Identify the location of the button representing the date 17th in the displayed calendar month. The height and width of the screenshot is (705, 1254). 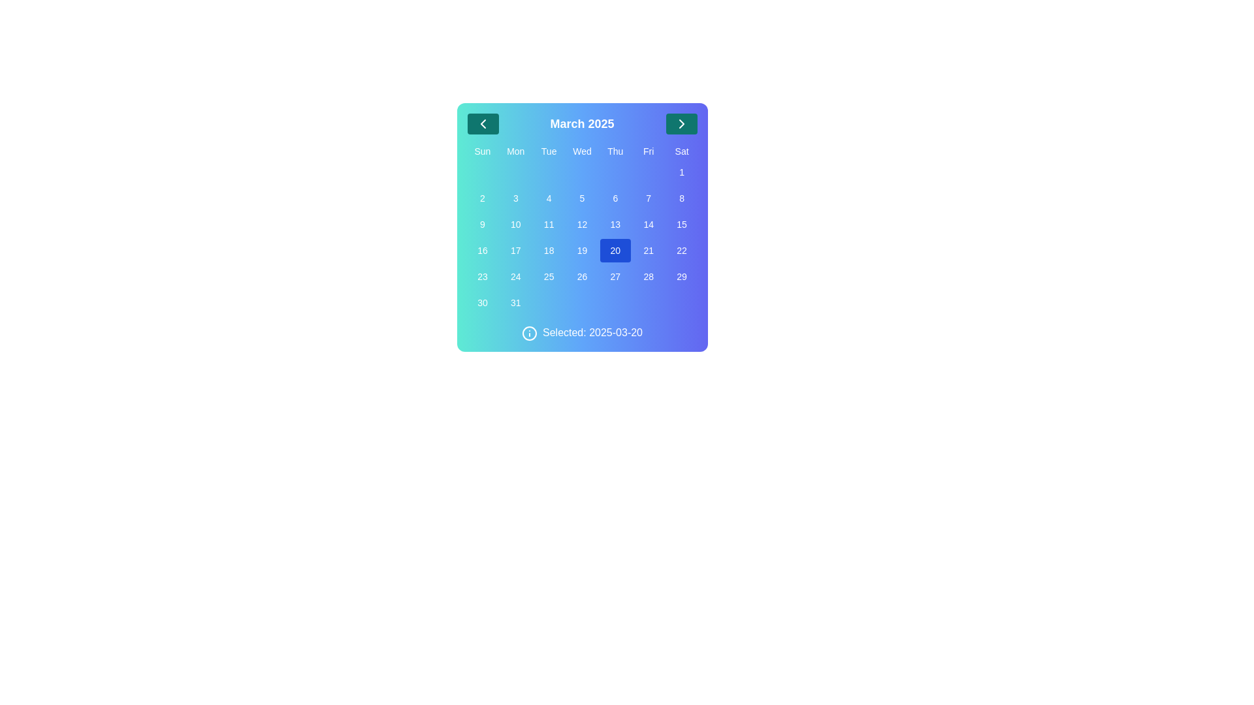
(515, 251).